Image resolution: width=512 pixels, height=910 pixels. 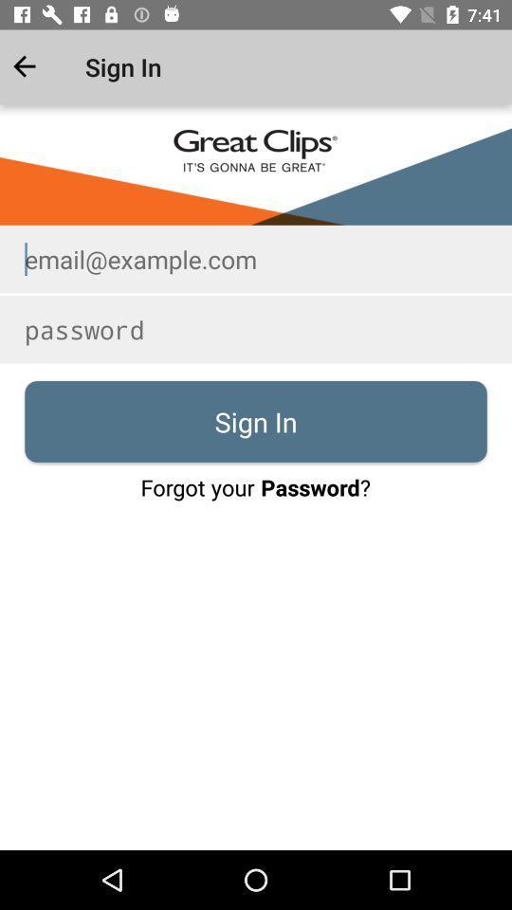 I want to click on email, so click(x=256, y=258).